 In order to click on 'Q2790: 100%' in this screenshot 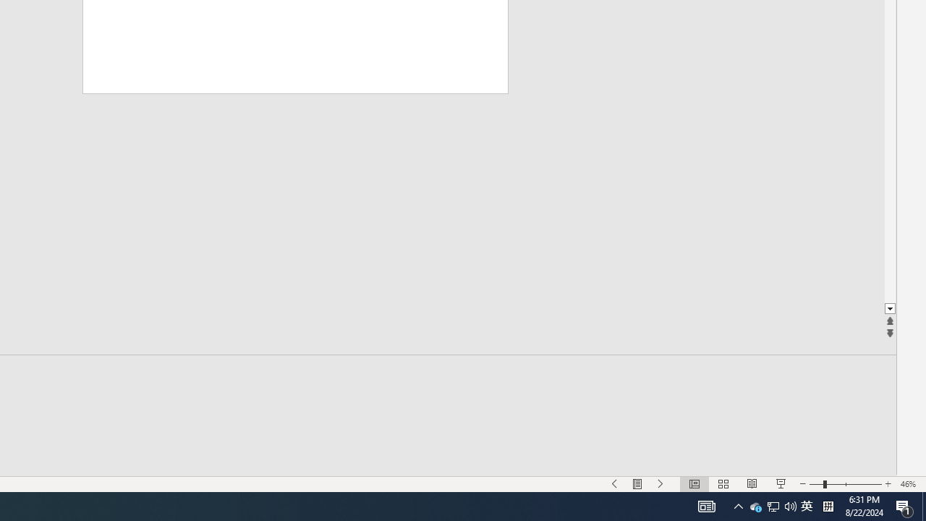, I will do `click(828, 505)`.